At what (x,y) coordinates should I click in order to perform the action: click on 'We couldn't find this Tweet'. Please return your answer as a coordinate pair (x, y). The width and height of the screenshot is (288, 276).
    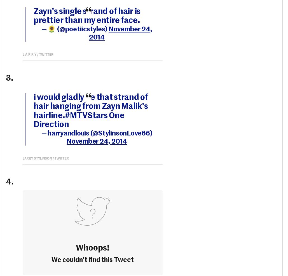
    Looking at the image, I should click on (93, 260).